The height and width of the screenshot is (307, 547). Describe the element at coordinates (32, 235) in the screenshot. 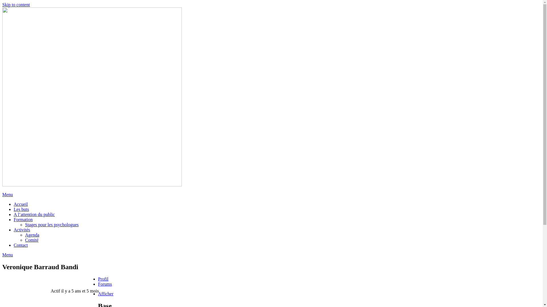

I see `'Agenda'` at that location.